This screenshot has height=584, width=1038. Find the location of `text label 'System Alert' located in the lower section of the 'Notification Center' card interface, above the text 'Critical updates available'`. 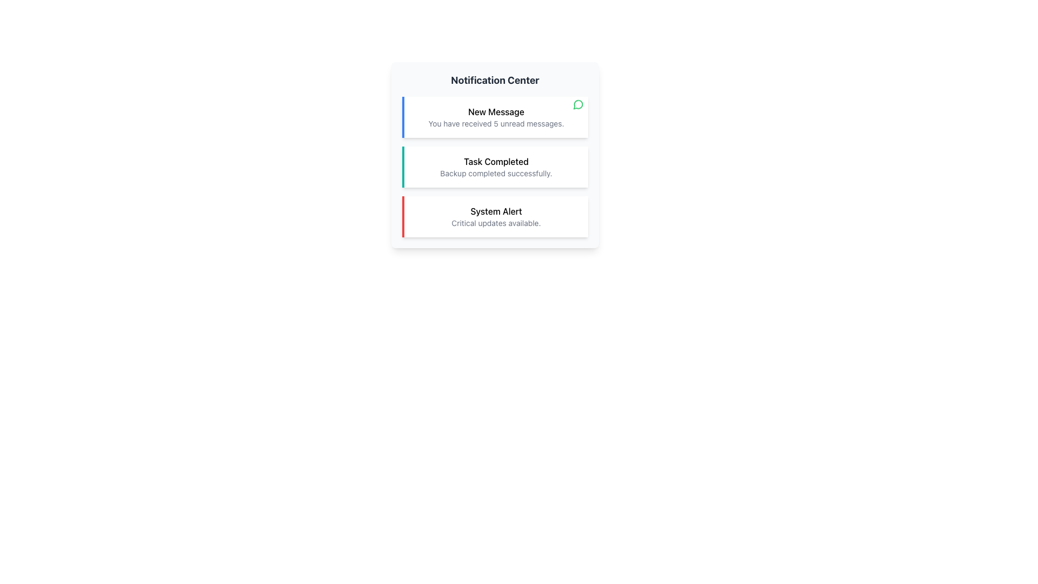

text label 'System Alert' located in the lower section of the 'Notification Center' card interface, above the text 'Critical updates available' is located at coordinates (495, 211).